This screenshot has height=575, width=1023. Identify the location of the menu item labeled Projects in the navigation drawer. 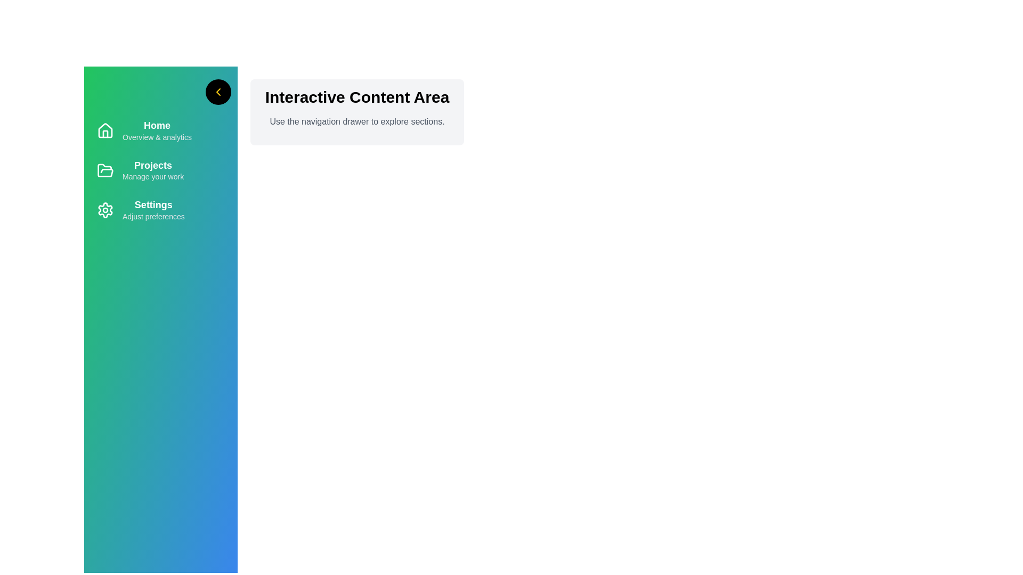
(160, 170).